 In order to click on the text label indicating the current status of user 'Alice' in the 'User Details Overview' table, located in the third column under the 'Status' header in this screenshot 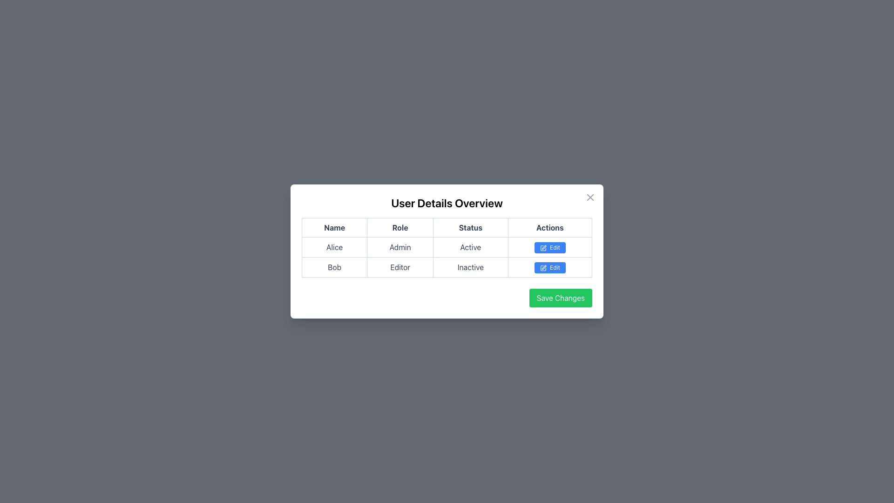, I will do `click(470, 247)`.